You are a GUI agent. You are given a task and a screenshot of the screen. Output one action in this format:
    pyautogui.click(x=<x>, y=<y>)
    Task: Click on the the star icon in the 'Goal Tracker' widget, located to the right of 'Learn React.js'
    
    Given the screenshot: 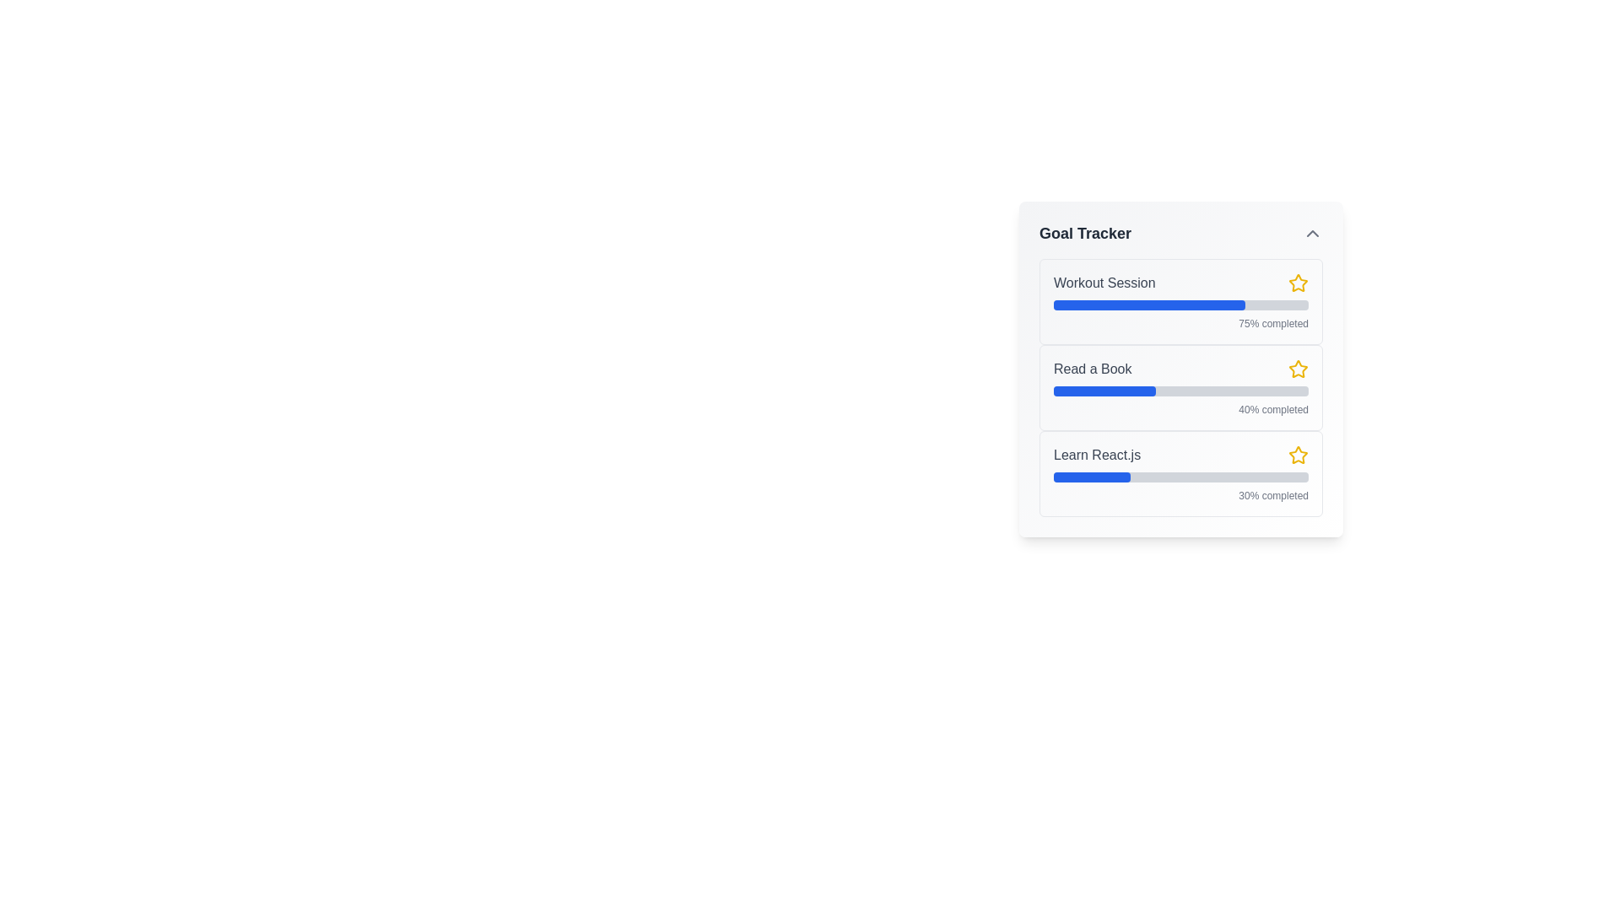 What is the action you would take?
    pyautogui.click(x=1298, y=455)
    